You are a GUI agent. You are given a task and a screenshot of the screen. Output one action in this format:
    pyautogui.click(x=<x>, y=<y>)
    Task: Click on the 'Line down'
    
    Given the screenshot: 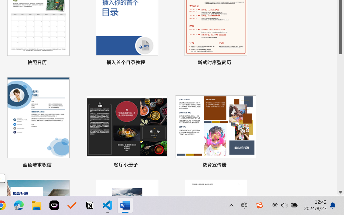 What is the action you would take?
    pyautogui.click(x=340, y=192)
    